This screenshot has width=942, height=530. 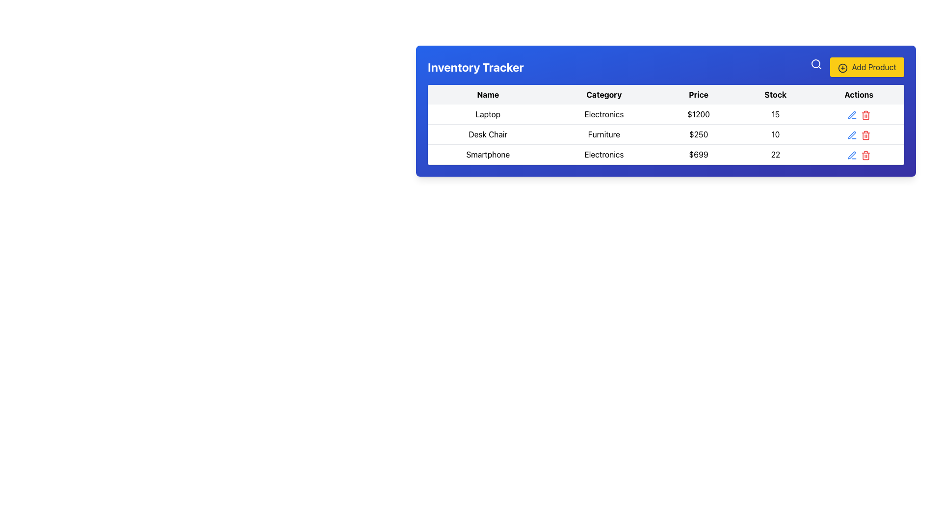 I want to click on the 'Add Product' button with a yellow background and bold text, located in the top-right area of the blue header bar, so click(x=857, y=67).